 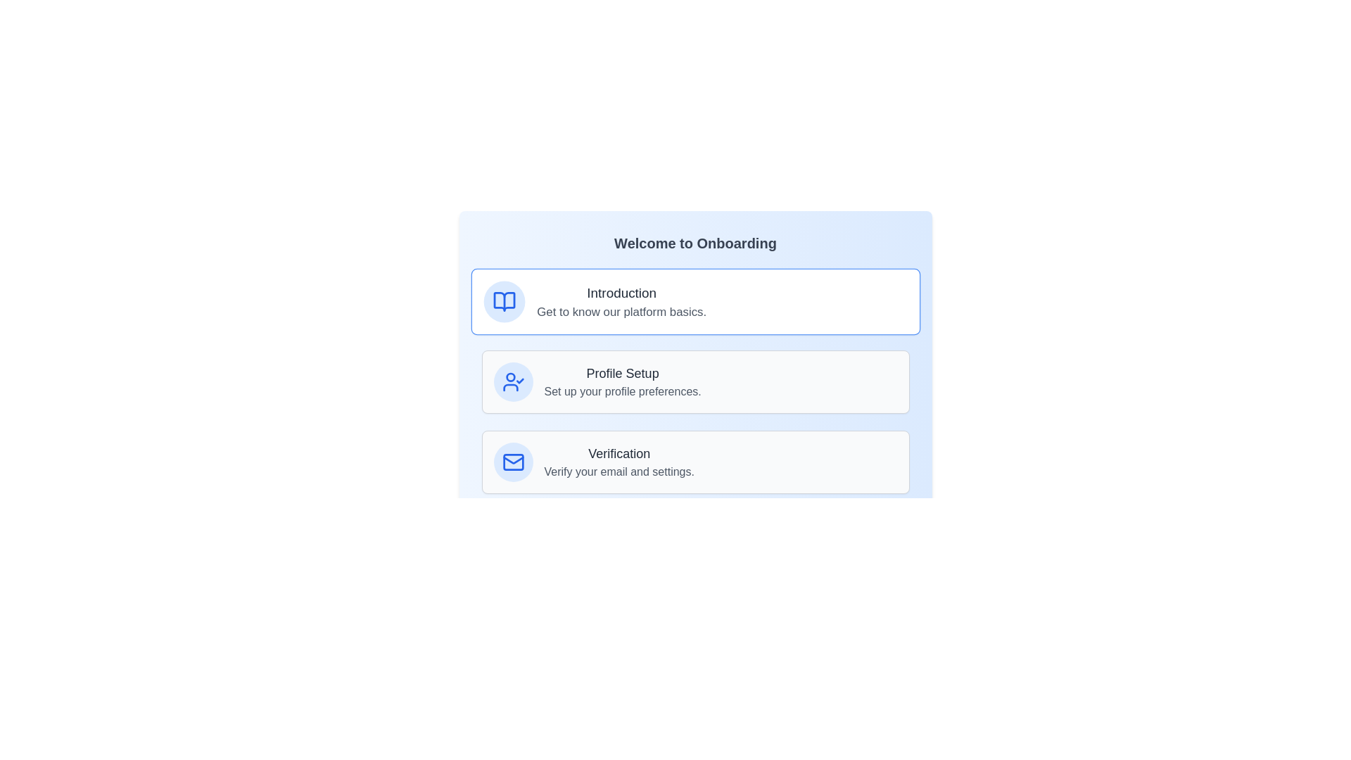 What do you see at coordinates (512, 462) in the screenshot?
I see `the 'Verification' icon located to the left of the label 'Verification Verify your email and settings' in the onboarding steps` at bounding box center [512, 462].